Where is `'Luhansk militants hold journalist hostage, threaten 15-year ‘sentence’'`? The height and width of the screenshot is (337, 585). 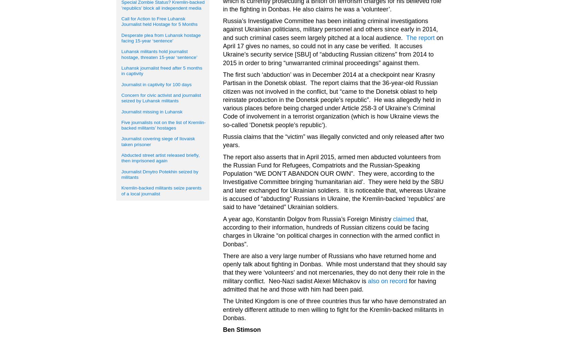 'Luhansk militants hold journalist hostage, threaten 15-year ‘sentence’' is located at coordinates (159, 54).